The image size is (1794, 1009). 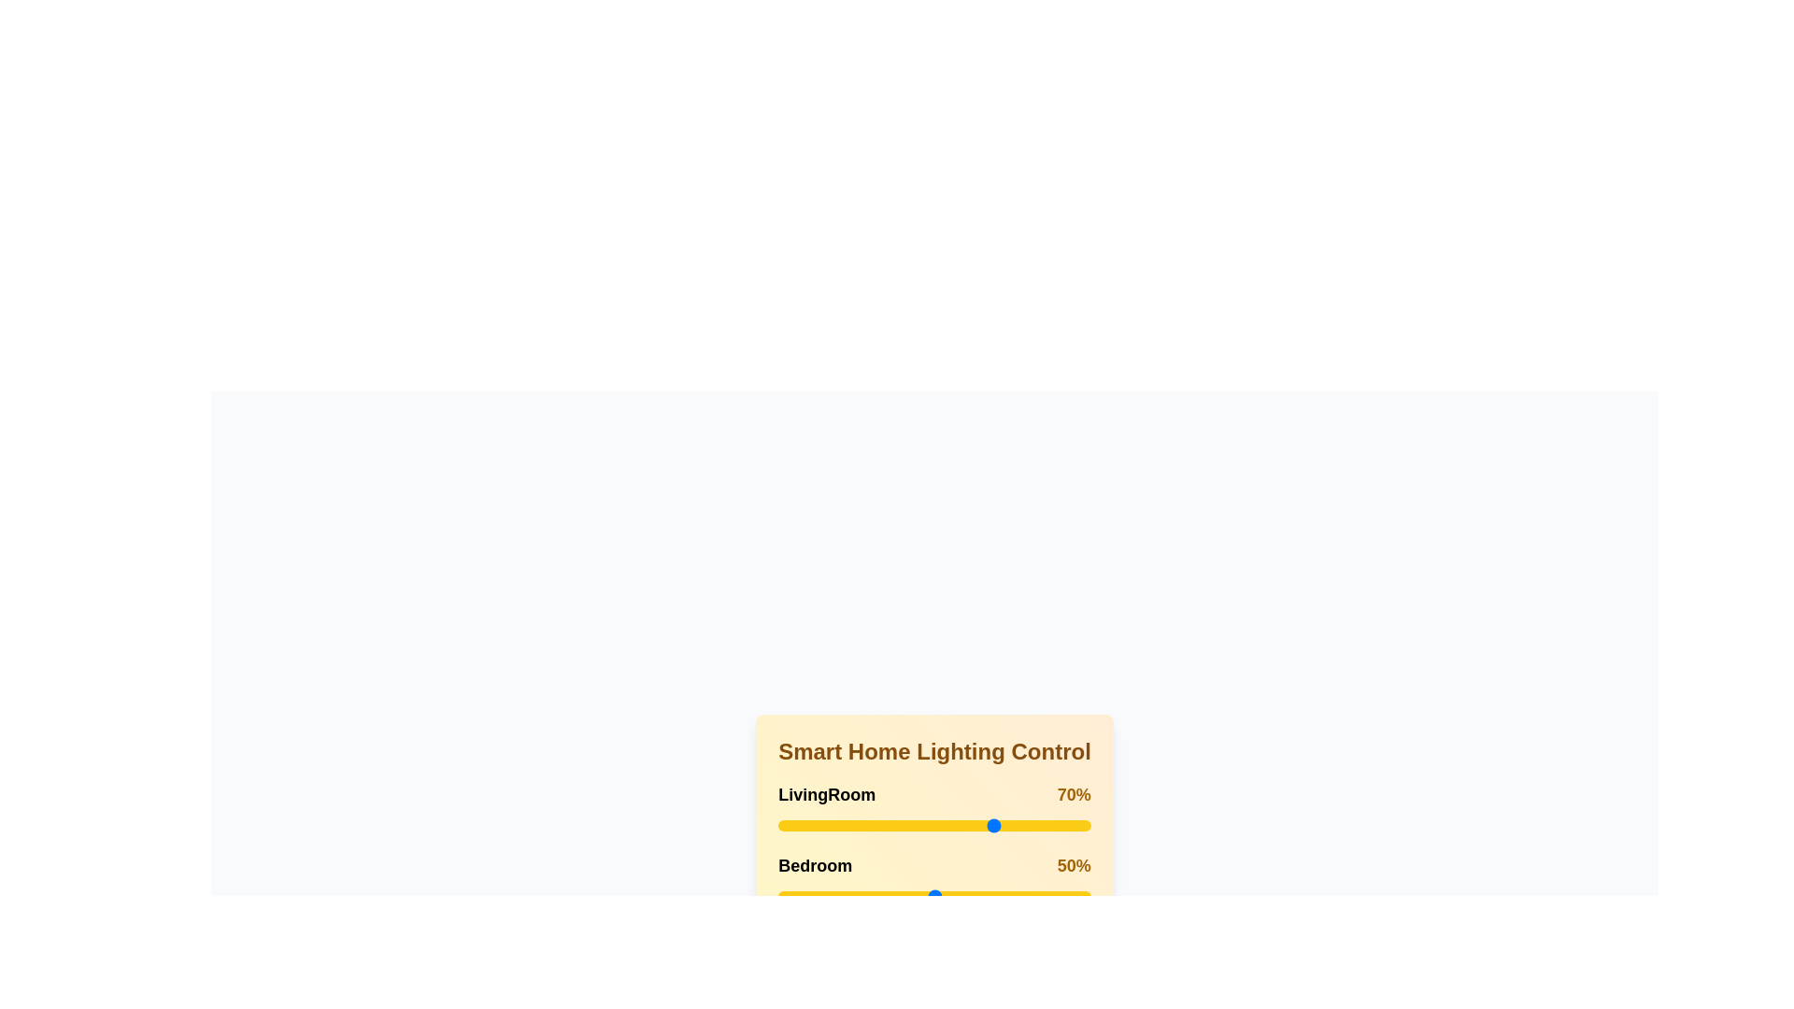 What do you see at coordinates (1074, 865) in the screenshot?
I see `the text label indicating the percentage setting for 'Bedroom' lighting control, located on the right side of the panel in the 'Smart Home Lighting Control' section` at bounding box center [1074, 865].